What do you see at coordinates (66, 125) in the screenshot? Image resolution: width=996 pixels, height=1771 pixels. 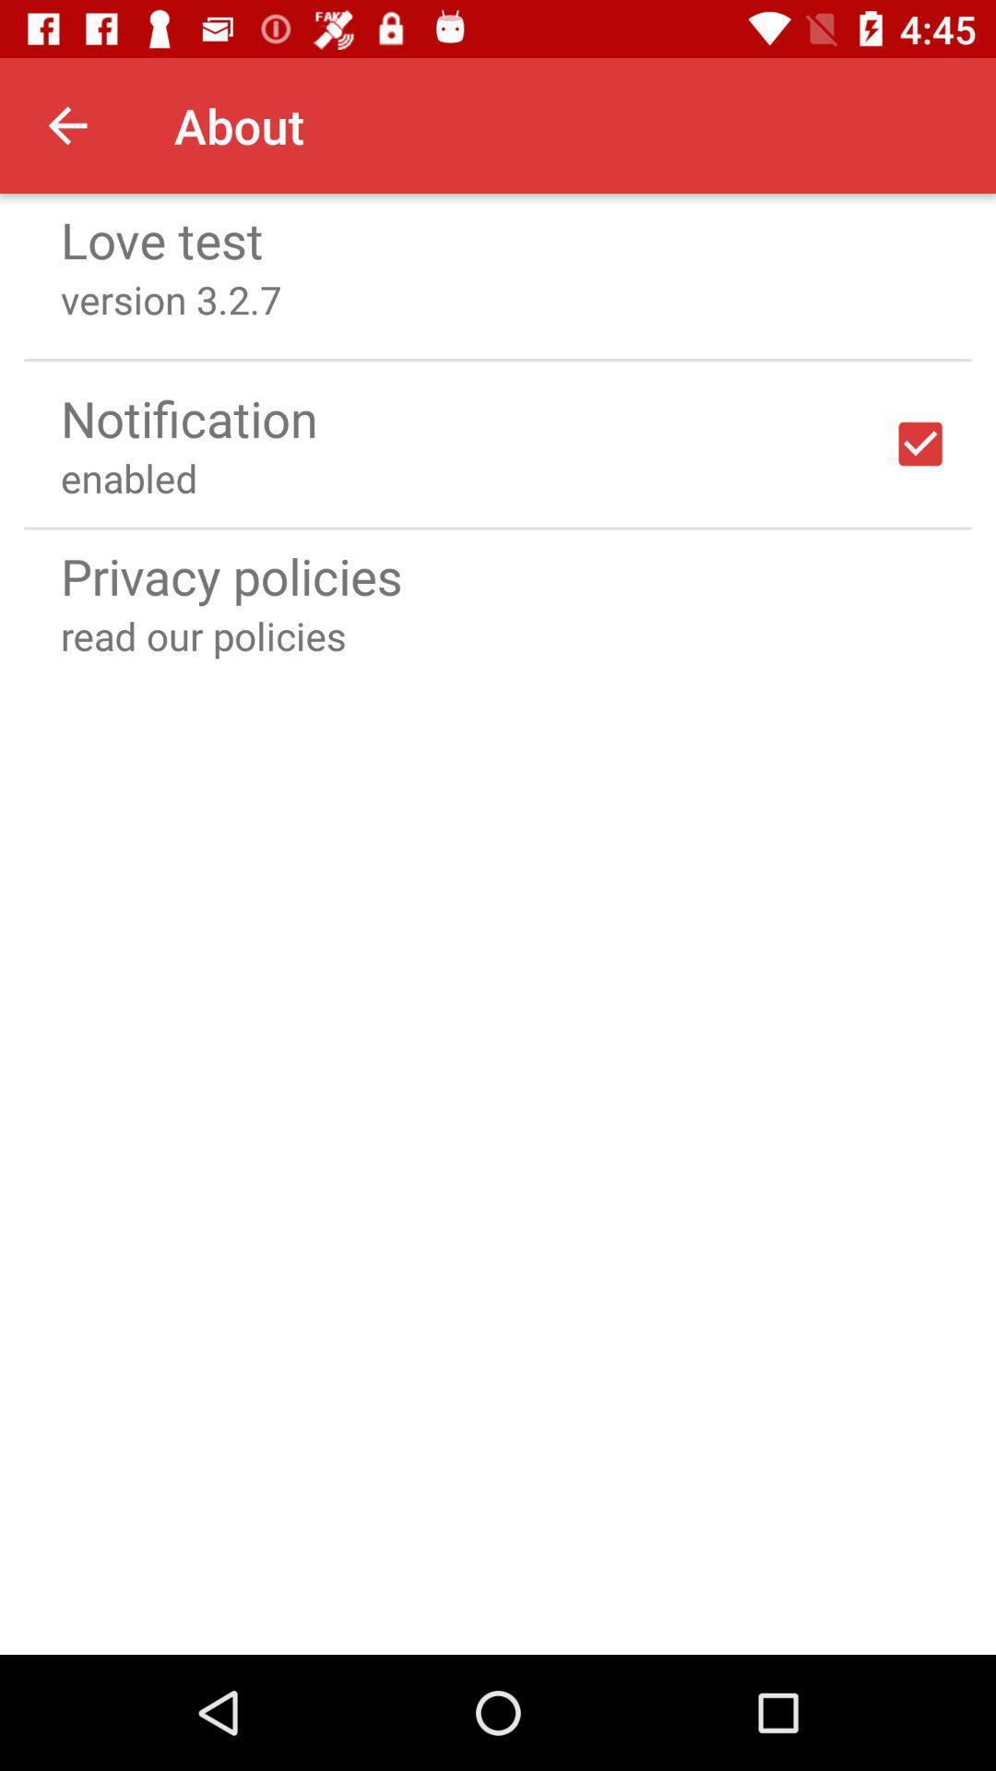 I see `item above the love test` at bounding box center [66, 125].